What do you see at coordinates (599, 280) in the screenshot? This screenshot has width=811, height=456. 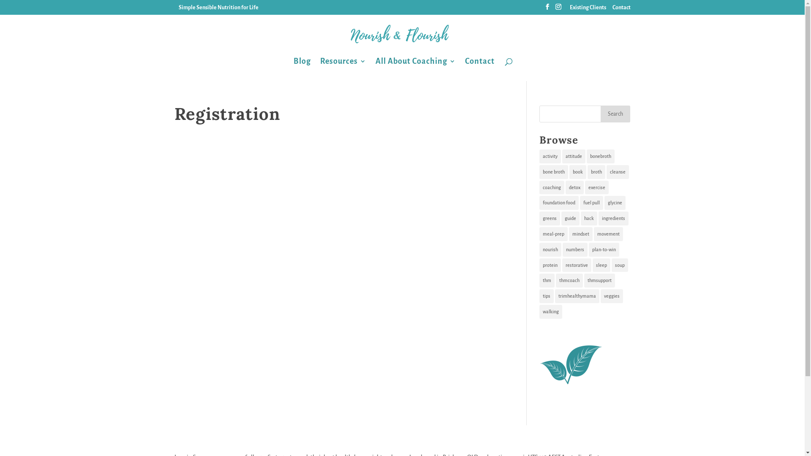 I see `'thmsupport'` at bounding box center [599, 280].